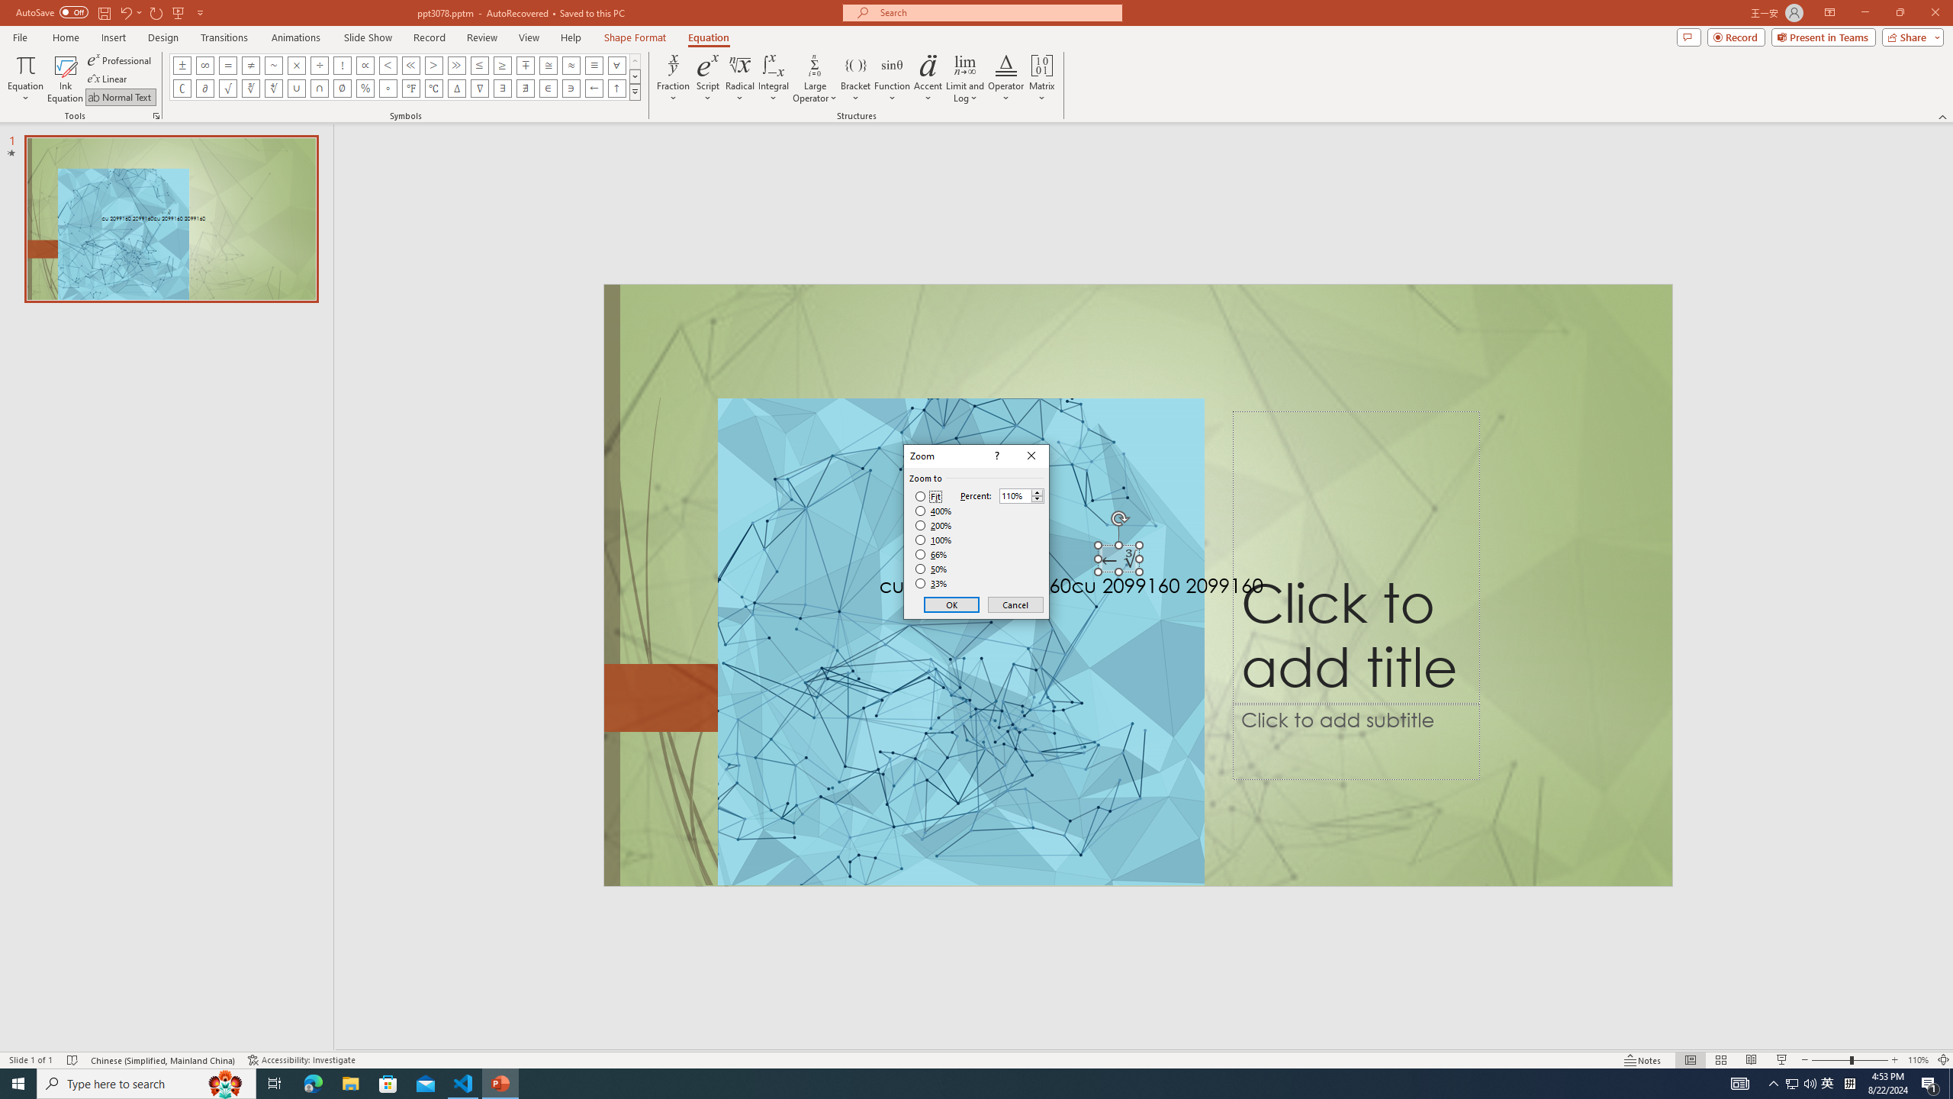  I want to click on 'Equation Symbol Approximately', so click(273, 64).